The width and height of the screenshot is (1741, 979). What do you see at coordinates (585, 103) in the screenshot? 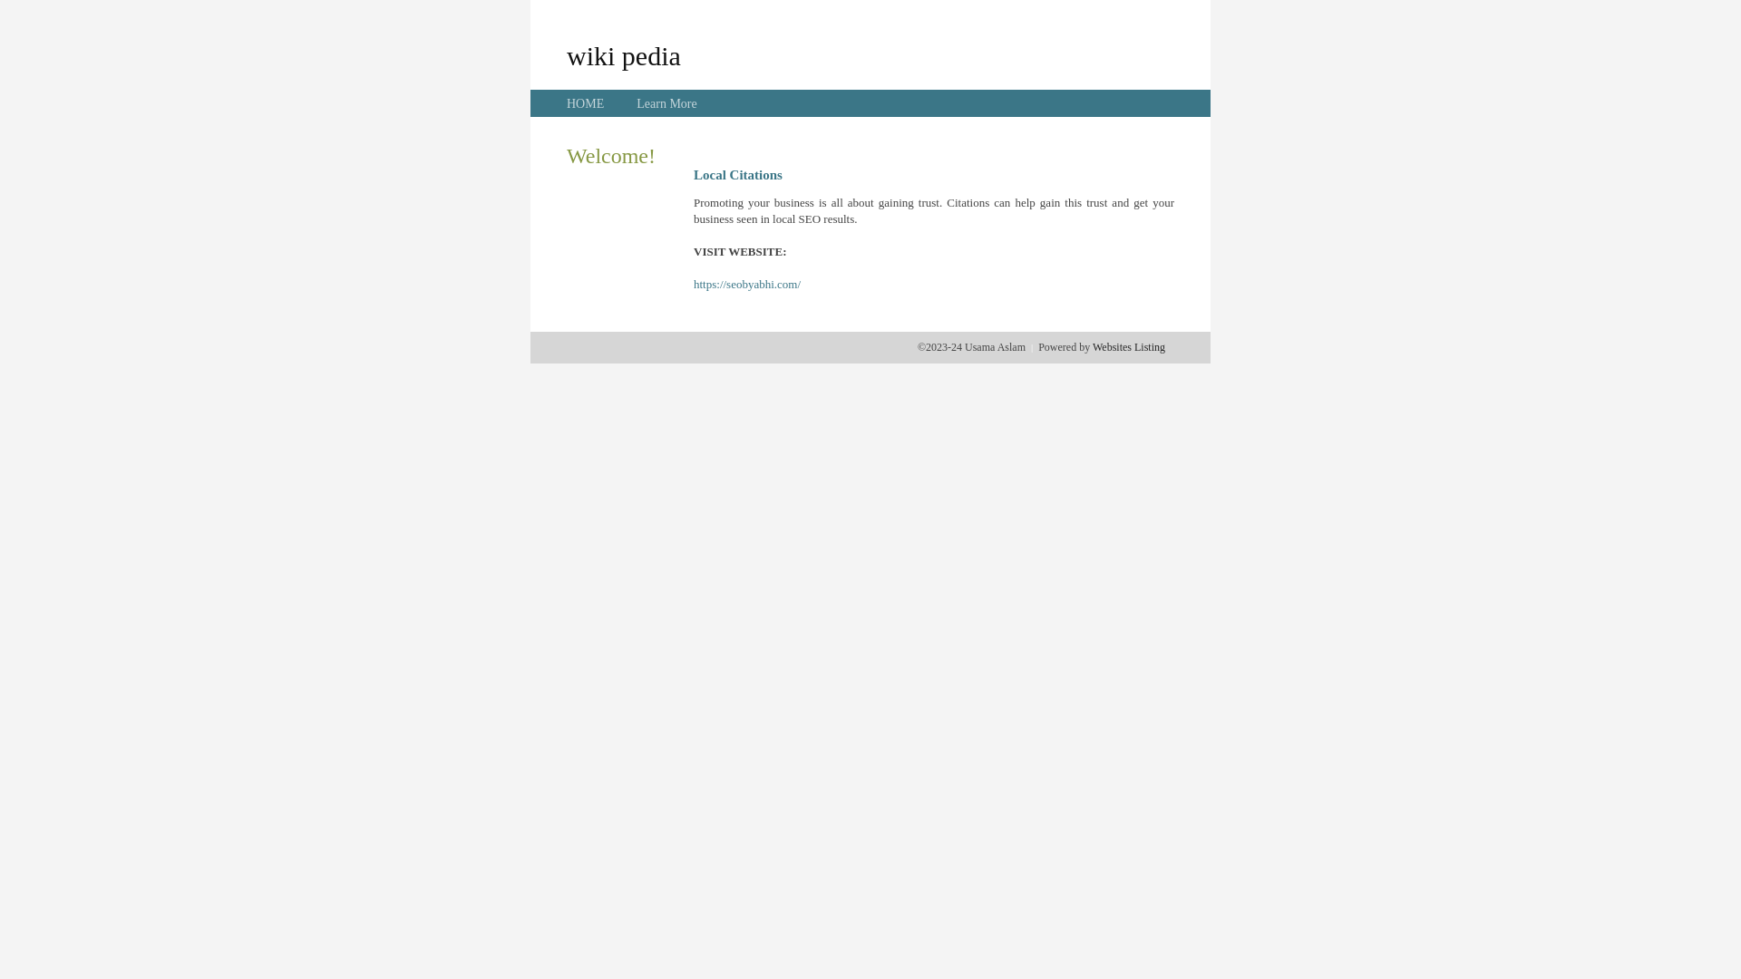
I see `'HOME'` at bounding box center [585, 103].